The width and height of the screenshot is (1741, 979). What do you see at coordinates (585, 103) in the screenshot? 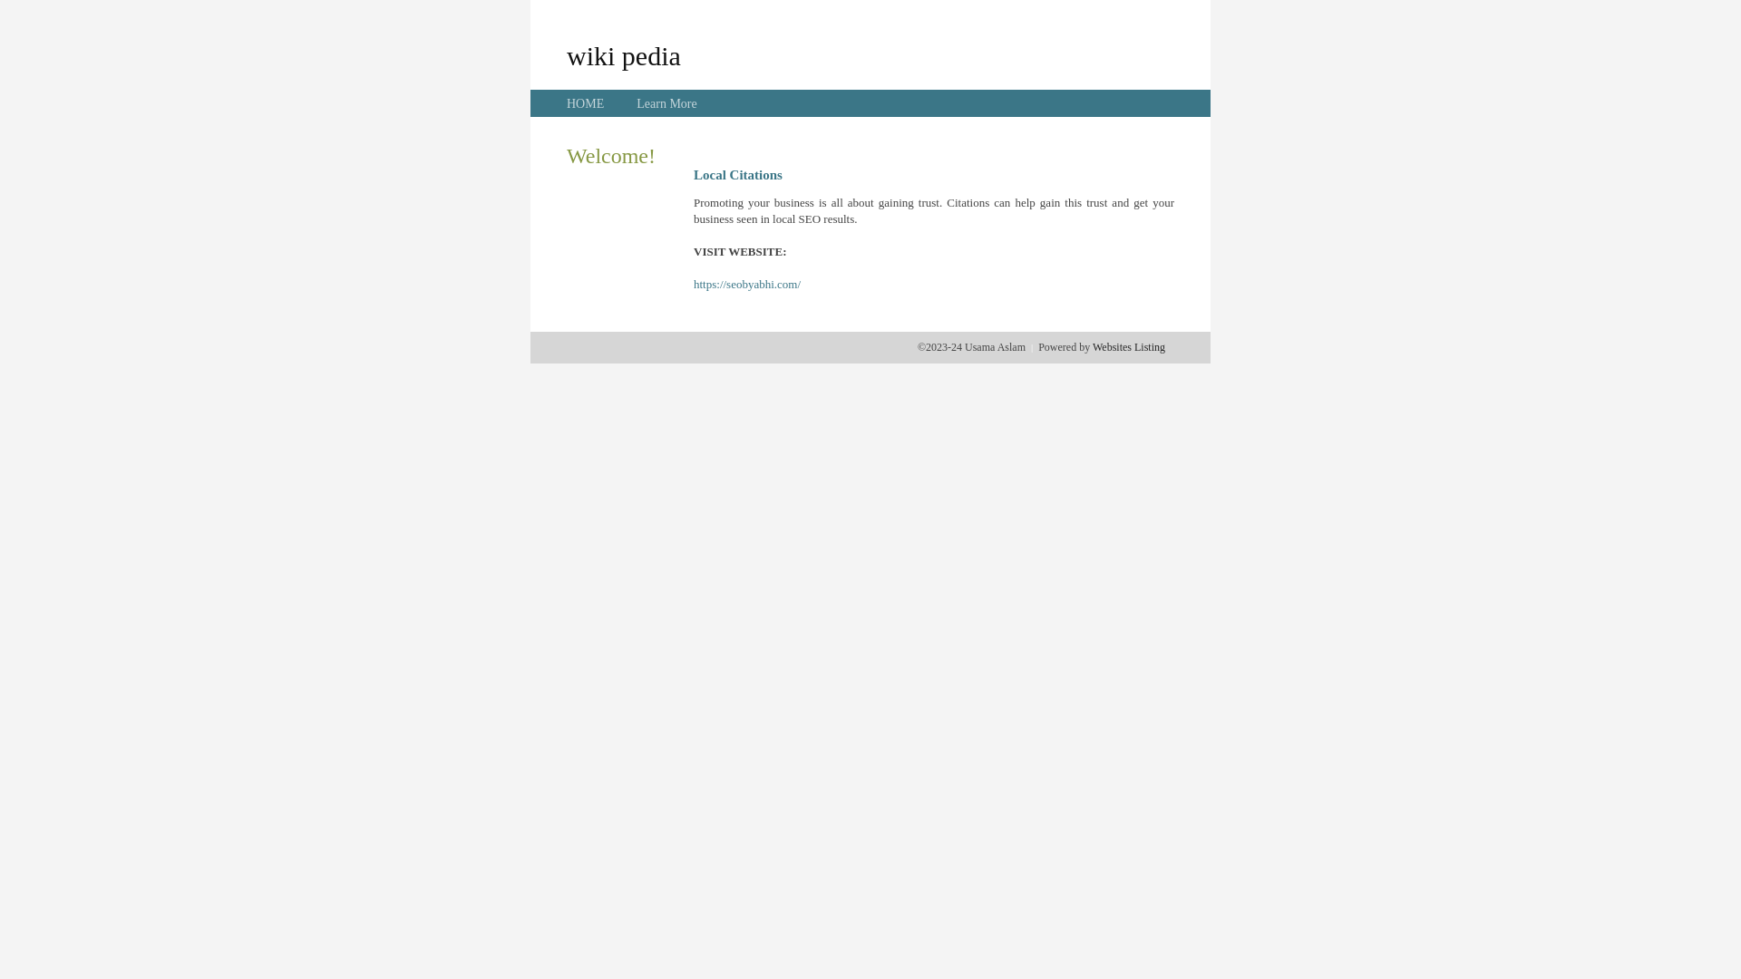
I see `'HOME'` at bounding box center [585, 103].